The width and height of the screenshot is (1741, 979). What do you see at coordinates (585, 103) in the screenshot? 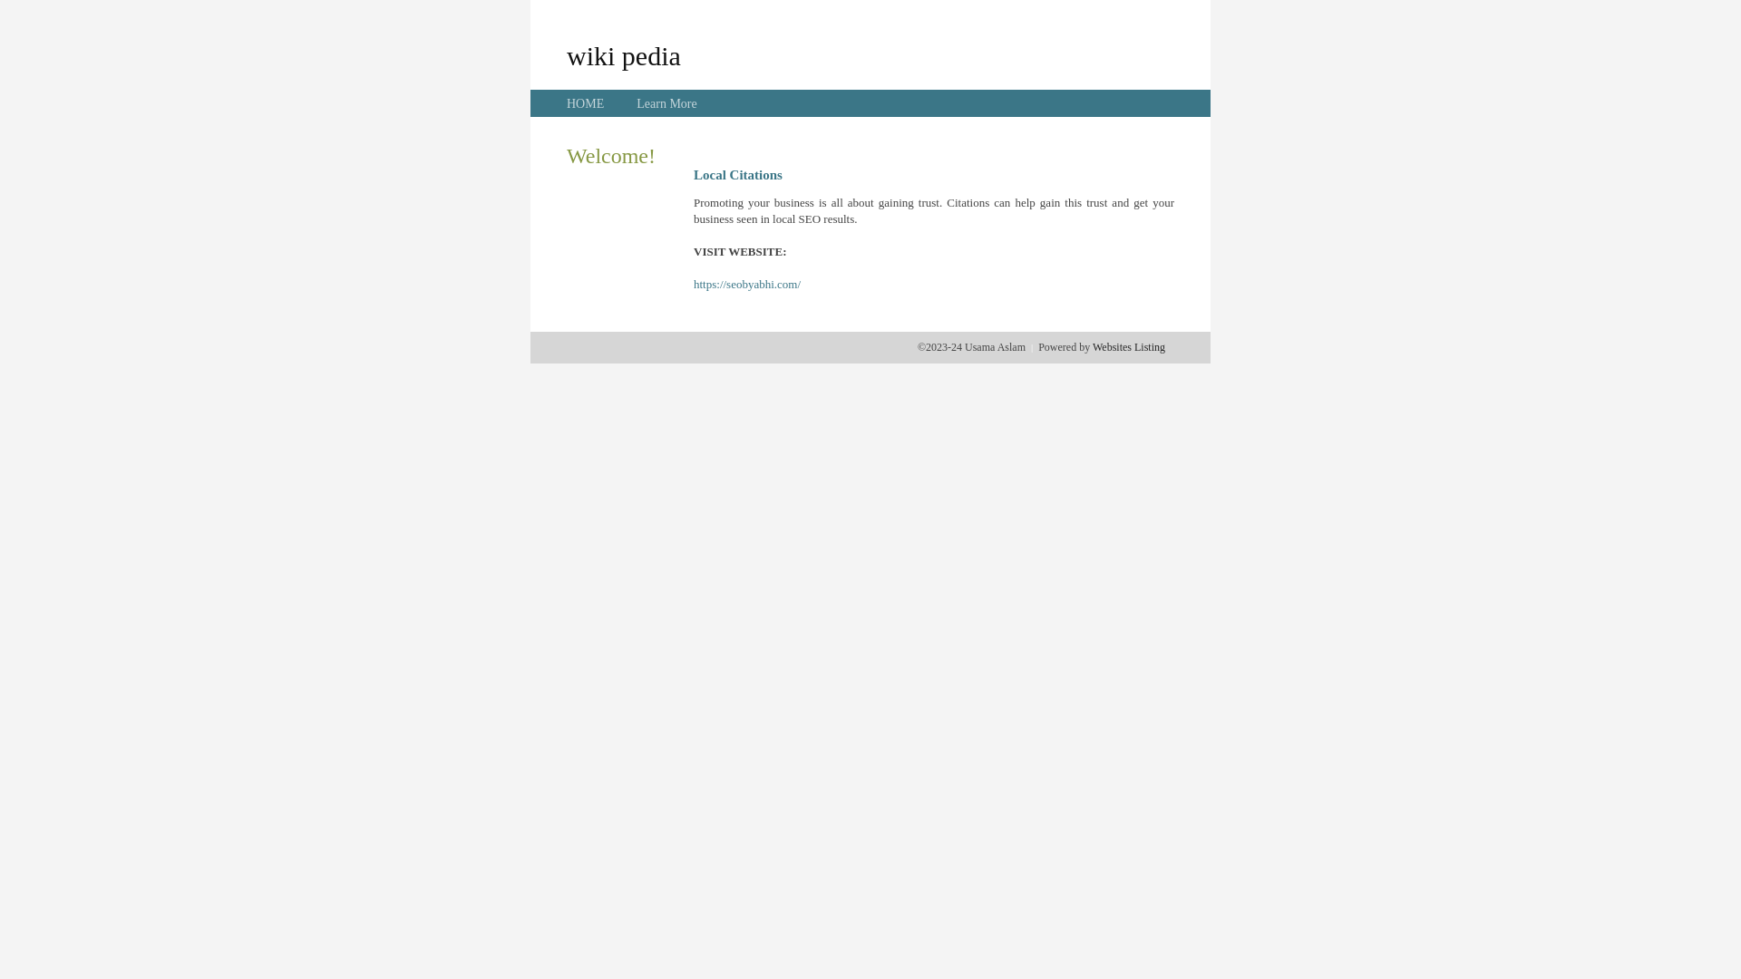
I see `'HOME'` at bounding box center [585, 103].